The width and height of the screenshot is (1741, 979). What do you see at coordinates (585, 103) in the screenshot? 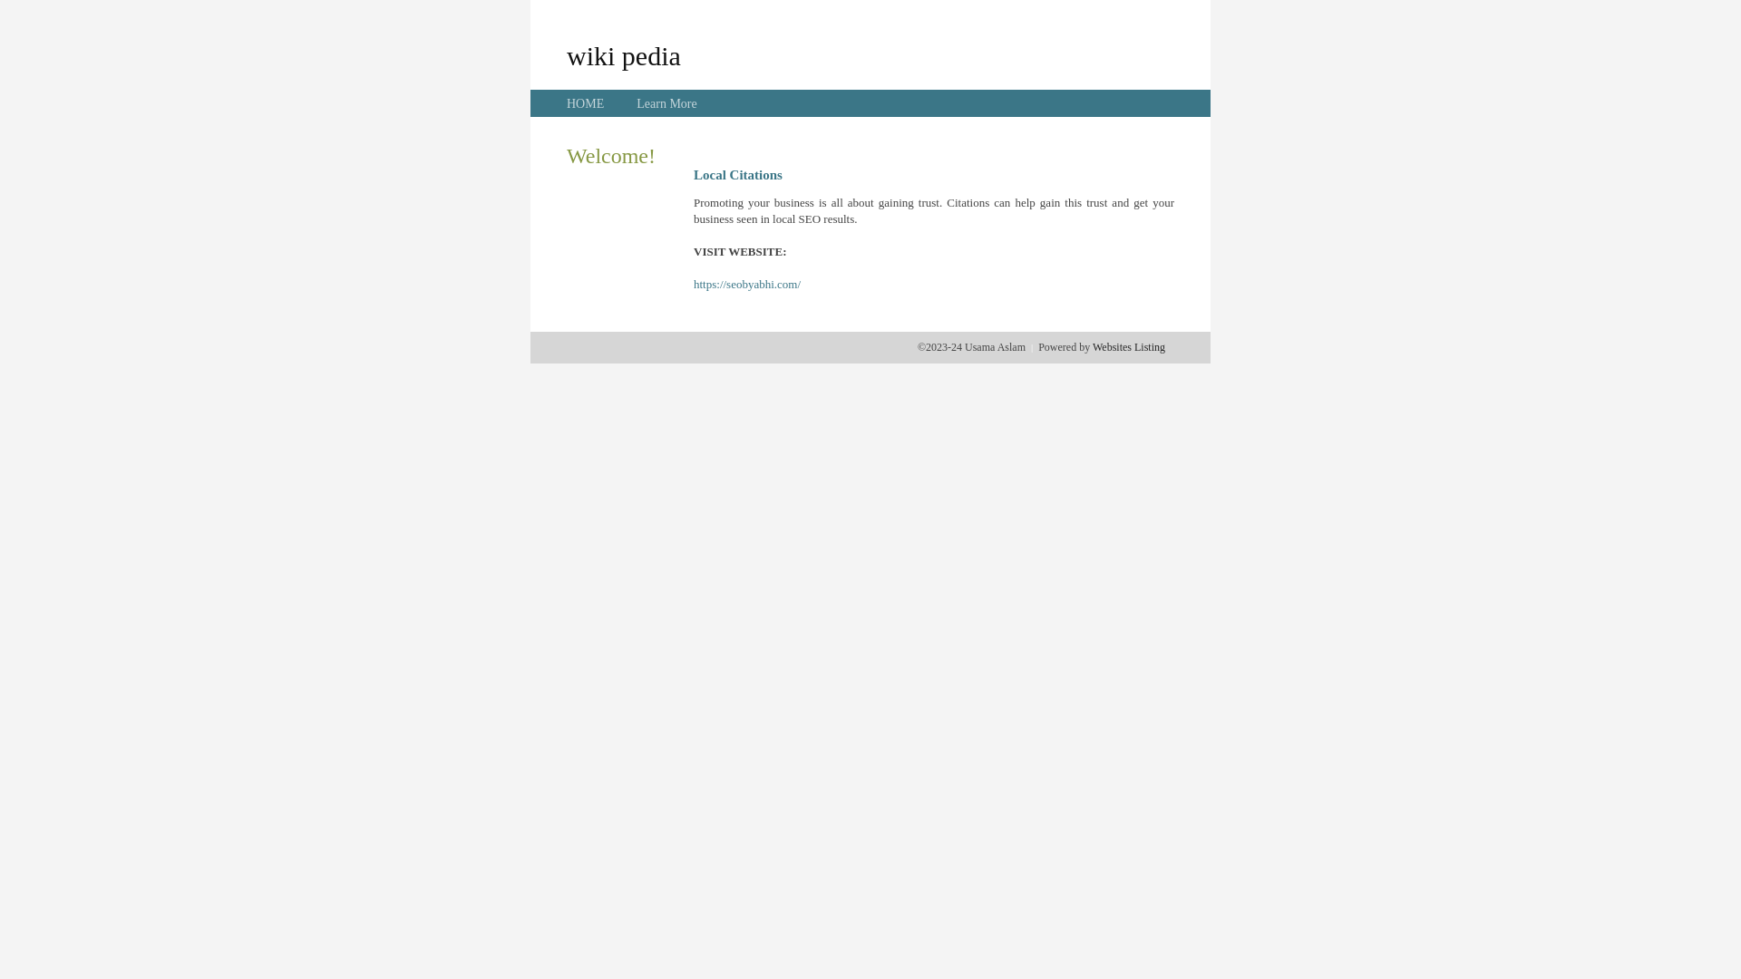
I see `'HOME'` at bounding box center [585, 103].